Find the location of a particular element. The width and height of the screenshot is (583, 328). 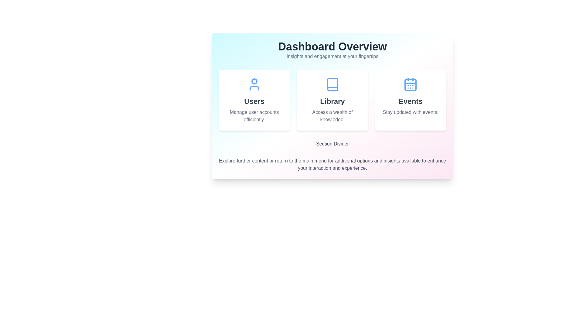

the lower part of the 'Users' icon, specifically the vector graphic component that symbolizes the body or torso of the user is located at coordinates (254, 88).